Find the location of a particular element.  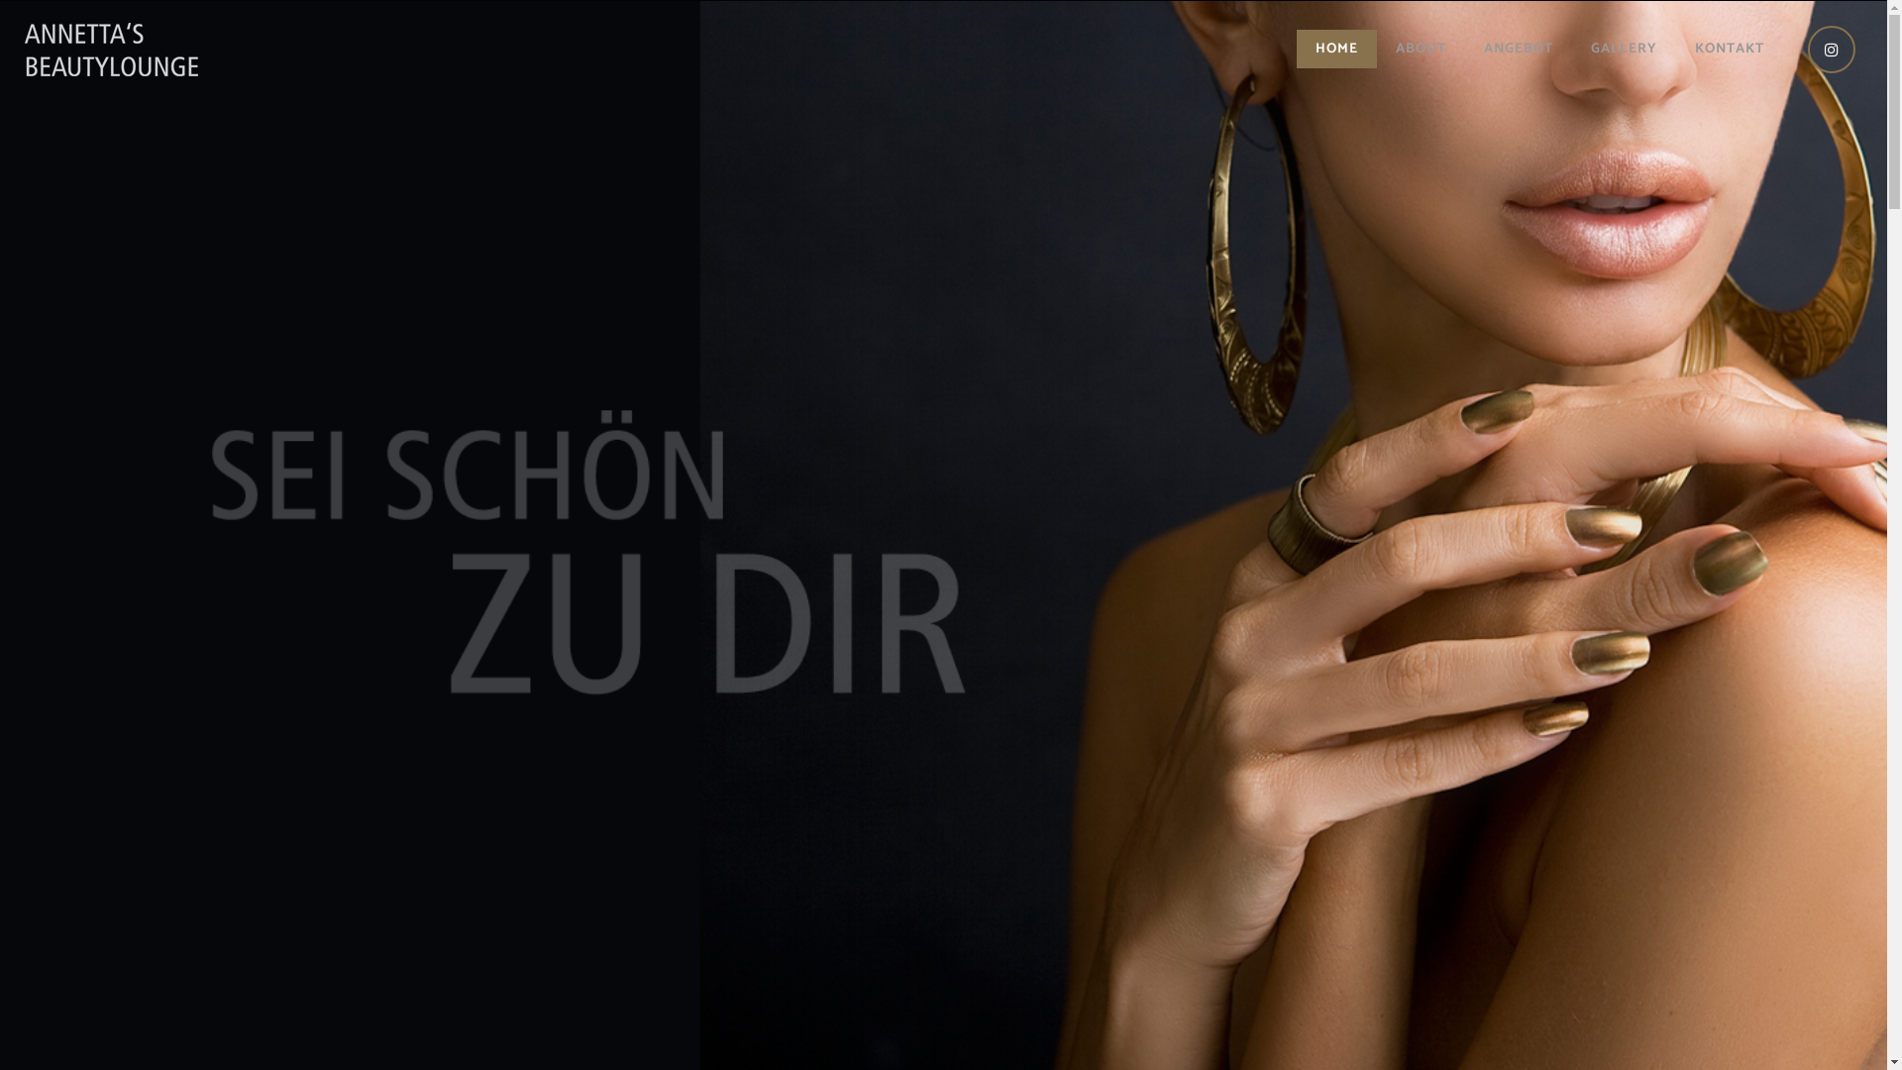

'ABOUT' is located at coordinates (1420, 49).